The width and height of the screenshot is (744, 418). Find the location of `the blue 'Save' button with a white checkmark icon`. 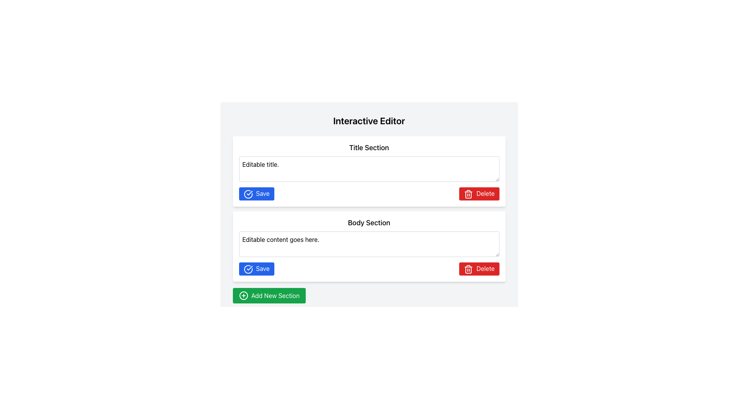

the blue 'Save' button with a white checkmark icon is located at coordinates (257, 268).